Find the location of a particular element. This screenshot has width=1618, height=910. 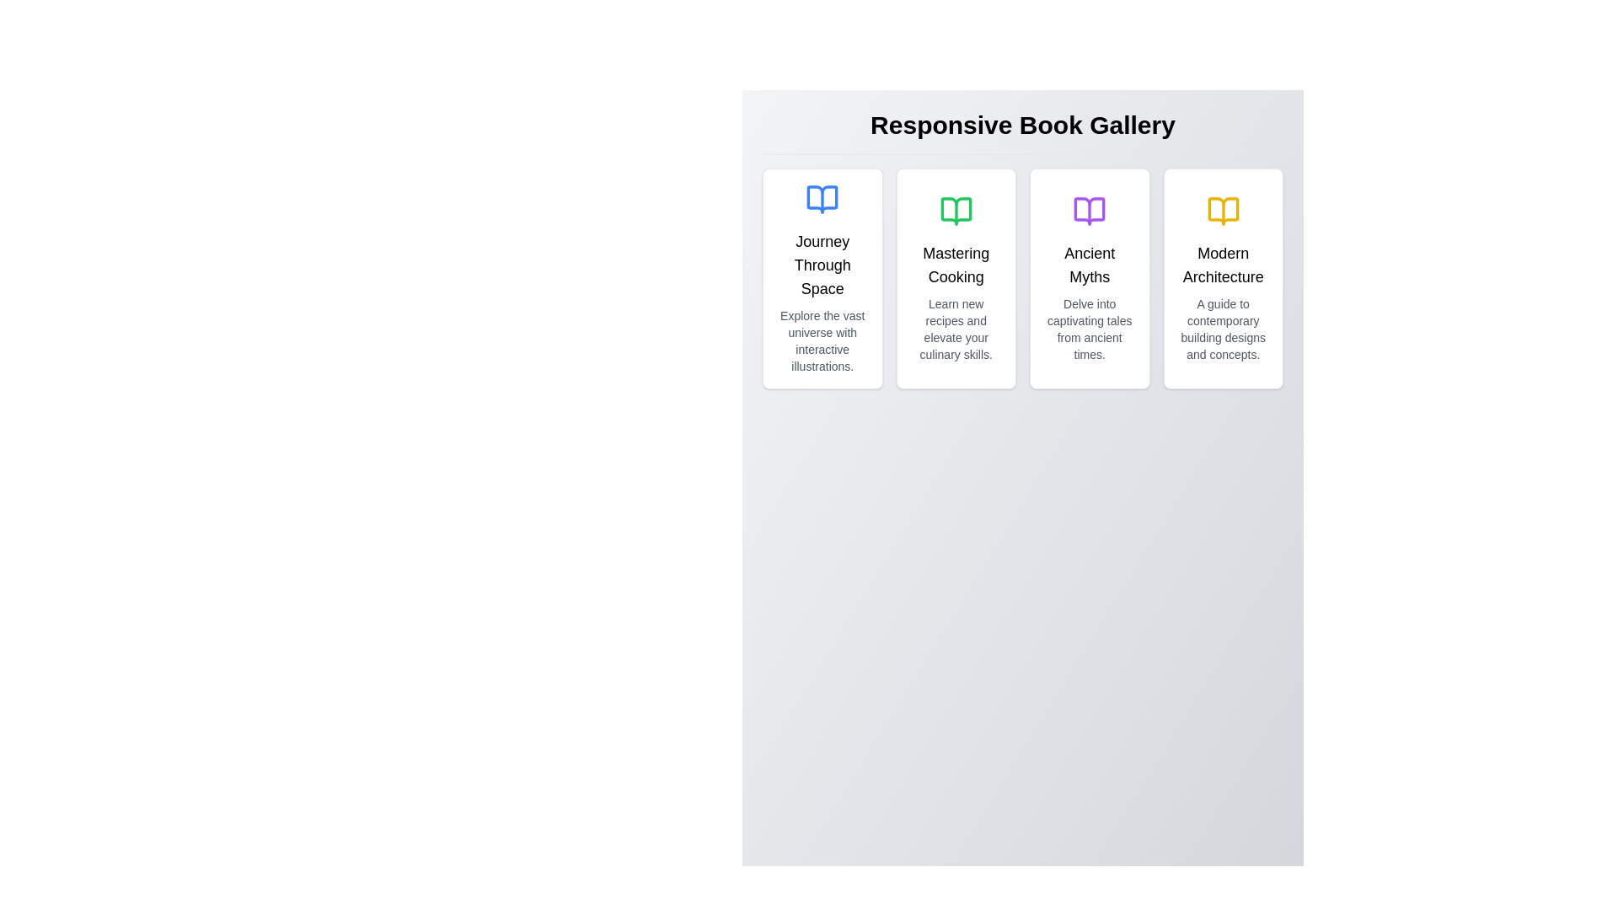

the subtitle text element that elaborates on the 'Journey Through Space' card, positioned beneath the title in the lower section of the card is located at coordinates (822, 341).